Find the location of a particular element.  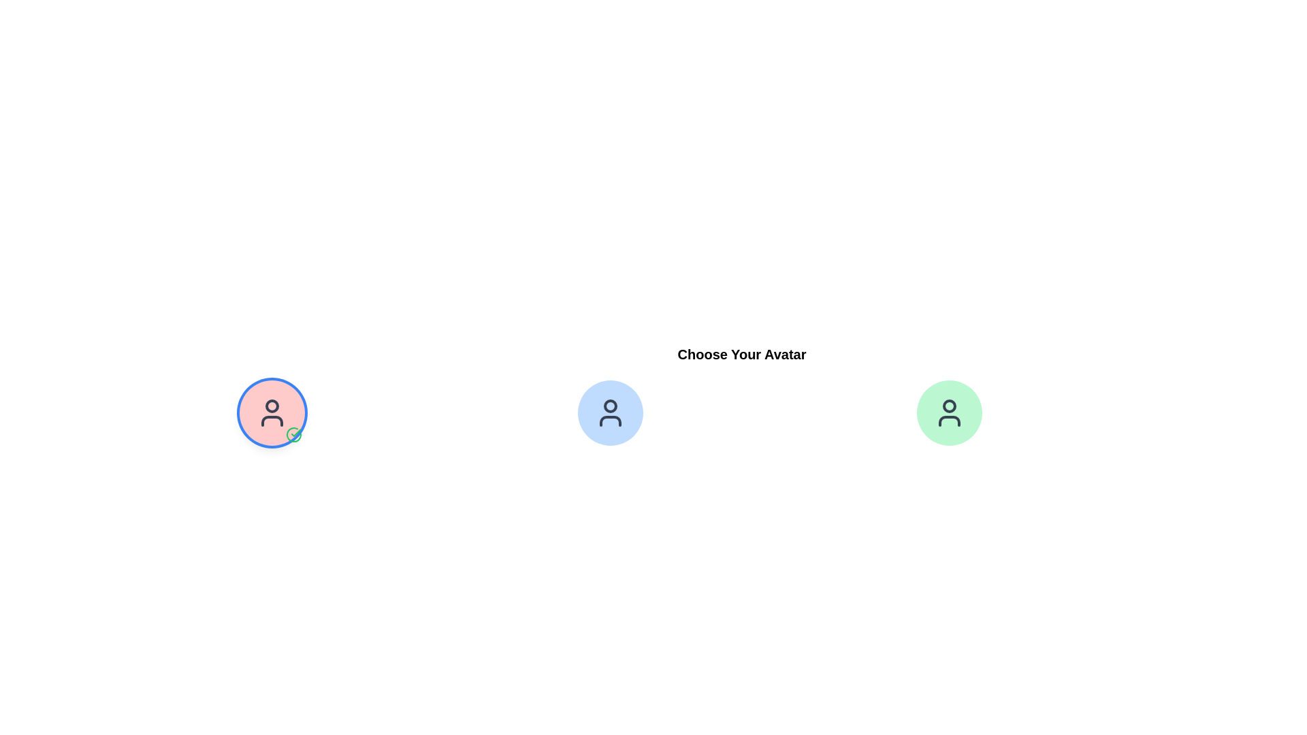

the selectable avatar option located in the rightmost cell below 'Choose Your Avatar' is located at coordinates (948, 412).